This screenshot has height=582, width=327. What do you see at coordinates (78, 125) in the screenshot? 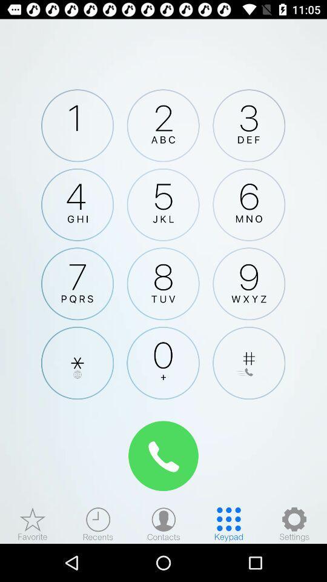
I see `keypad numeral one` at bounding box center [78, 125].